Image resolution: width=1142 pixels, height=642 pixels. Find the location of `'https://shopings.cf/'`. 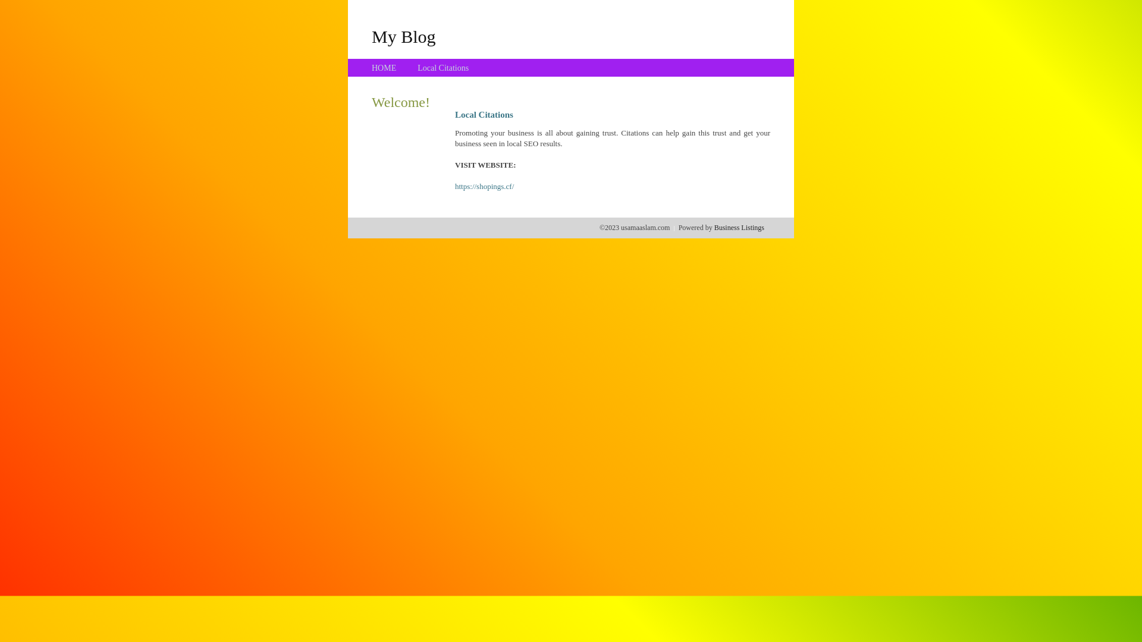

'https://shopings.cf/' is located at coordinates (484, 186).